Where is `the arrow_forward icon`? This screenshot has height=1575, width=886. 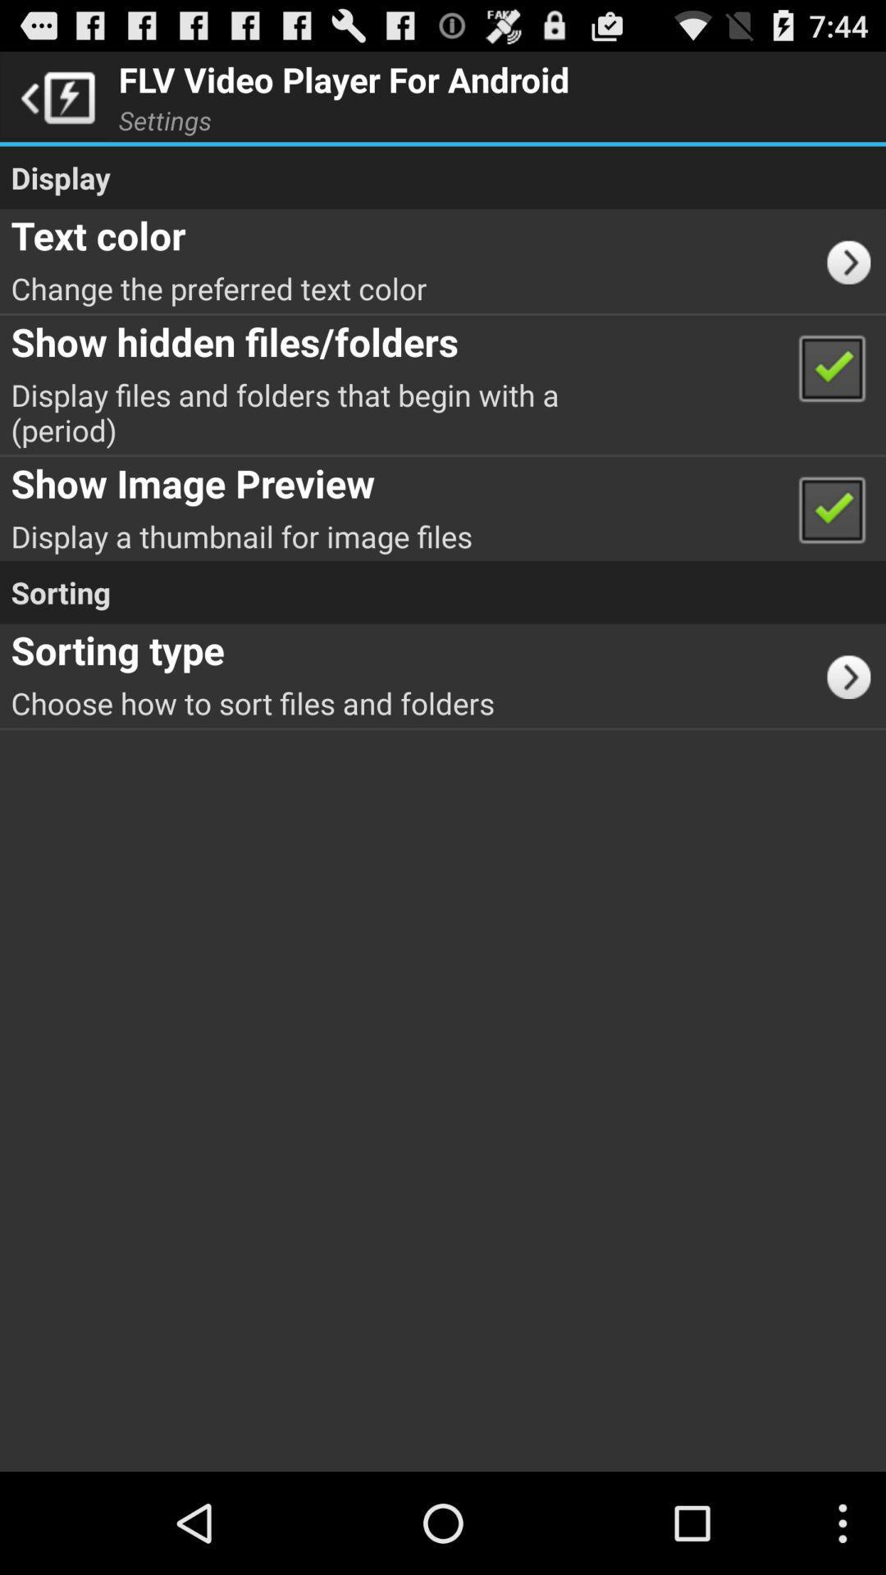 the arrow_forward icon is located at coordinates (854, 722).